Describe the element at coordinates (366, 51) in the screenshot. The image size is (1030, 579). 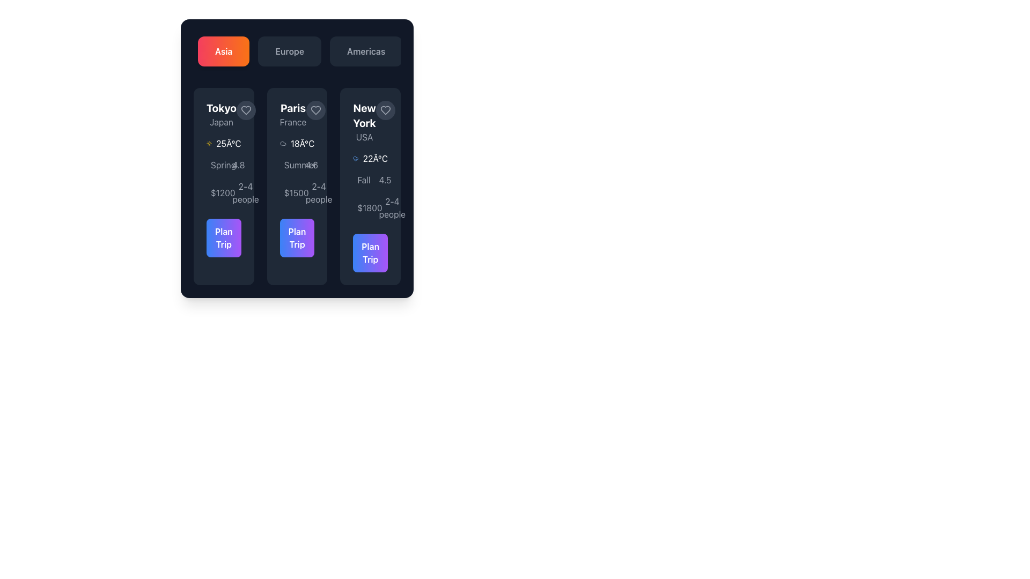
I see `the 'Americas' button in the upper horizontal scrollable menu` at that location.